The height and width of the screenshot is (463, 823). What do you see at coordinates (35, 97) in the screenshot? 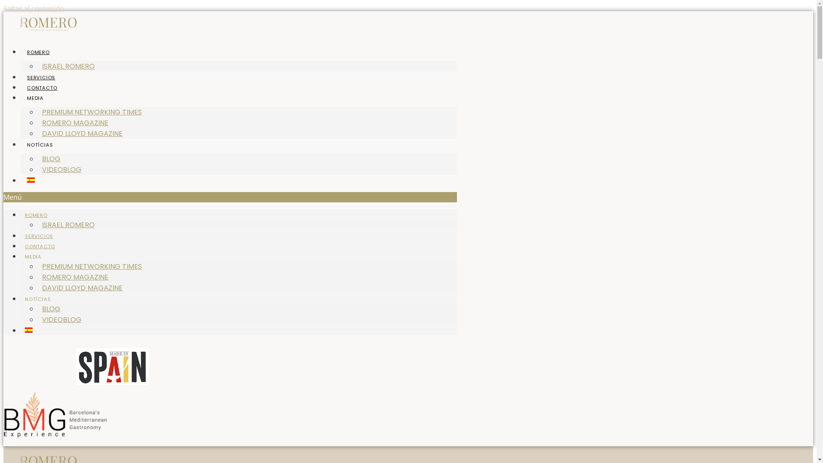
I see `'MEDIA'` at bounding box center [35, 97].